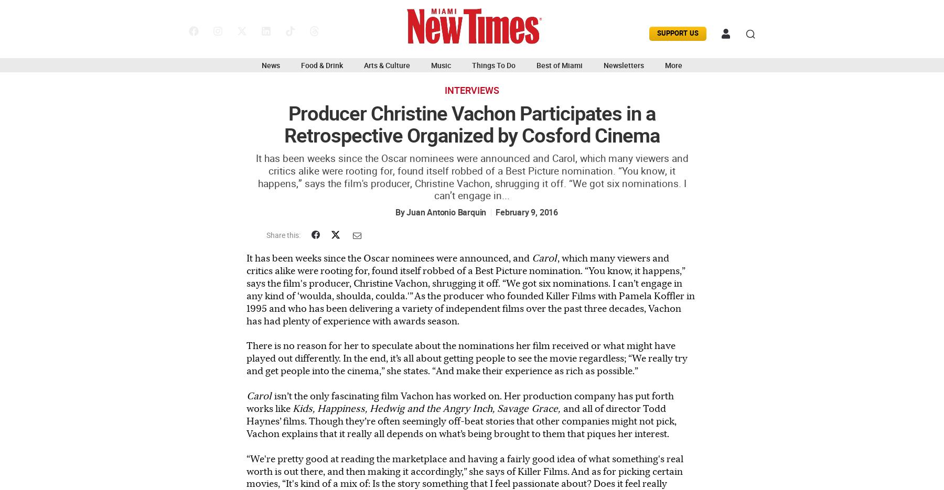  Describe the element at coordinates (270, 65) in the screenshot. I see `'News'` at that location.